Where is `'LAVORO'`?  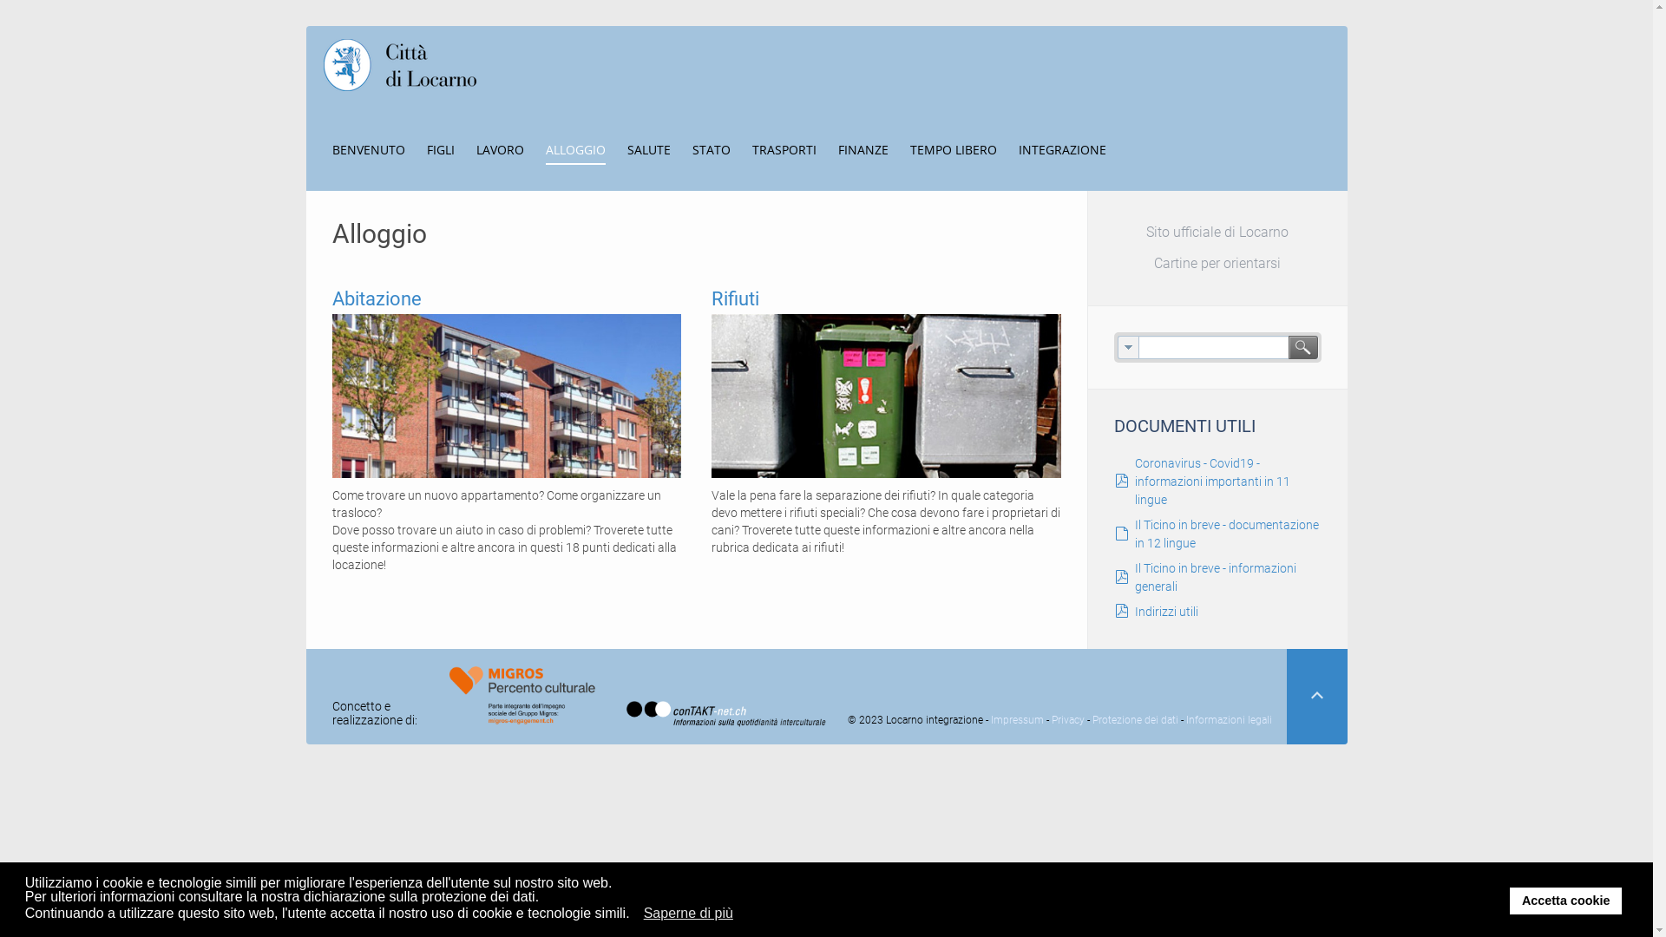 'LAVORO' is located at coordinates (475, 148).